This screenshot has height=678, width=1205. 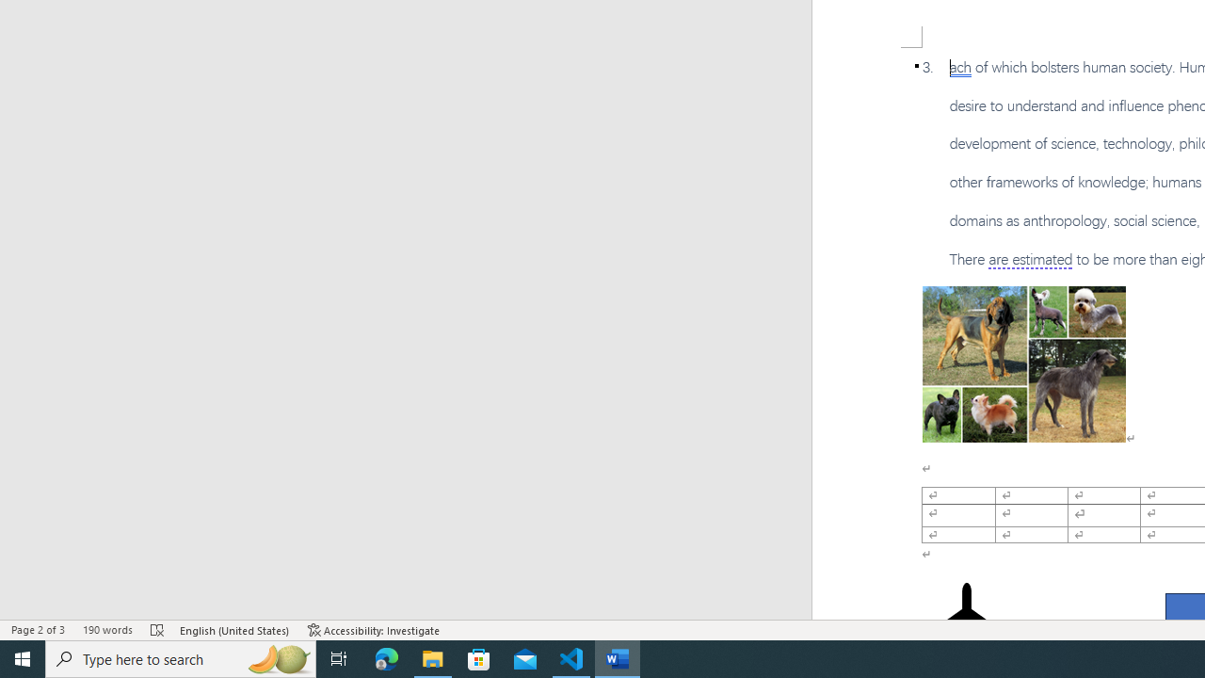 What do you see at coordinates (234, 630) in the screenshot?
I see `'Language English (United States)'` at bounding box center [234, 630].